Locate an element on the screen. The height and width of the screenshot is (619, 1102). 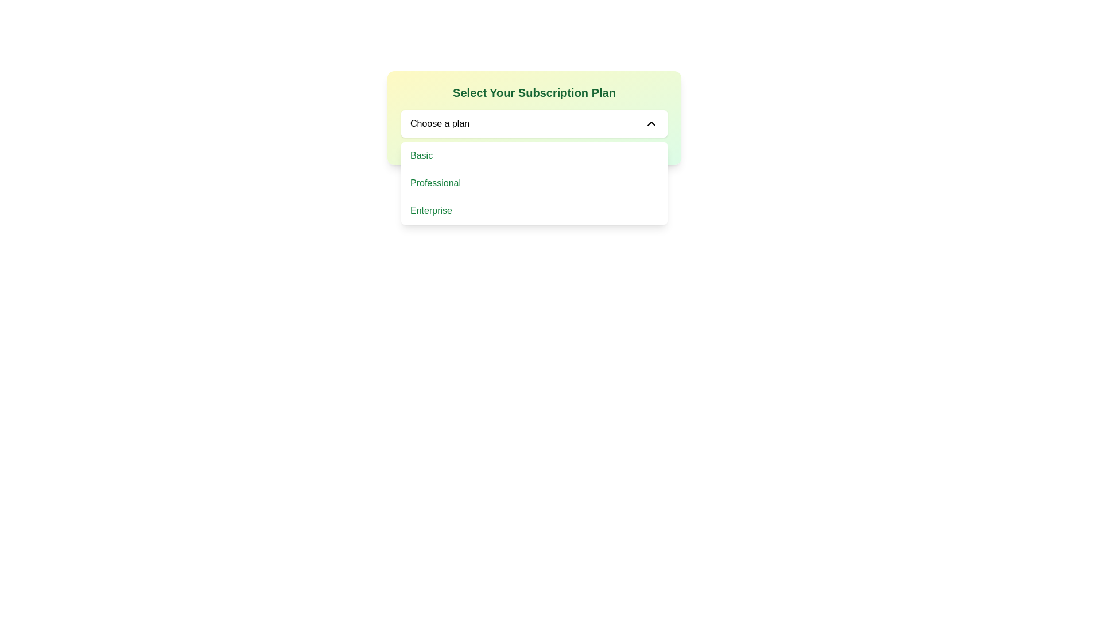
the dropdown menu labeled 'Choose a plan' is located at coordinates (534, 124).